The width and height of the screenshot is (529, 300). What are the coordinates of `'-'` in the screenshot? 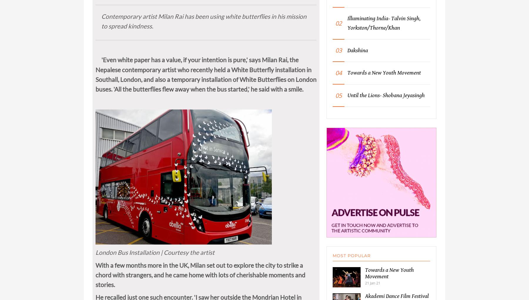 It's located at (116, 3).